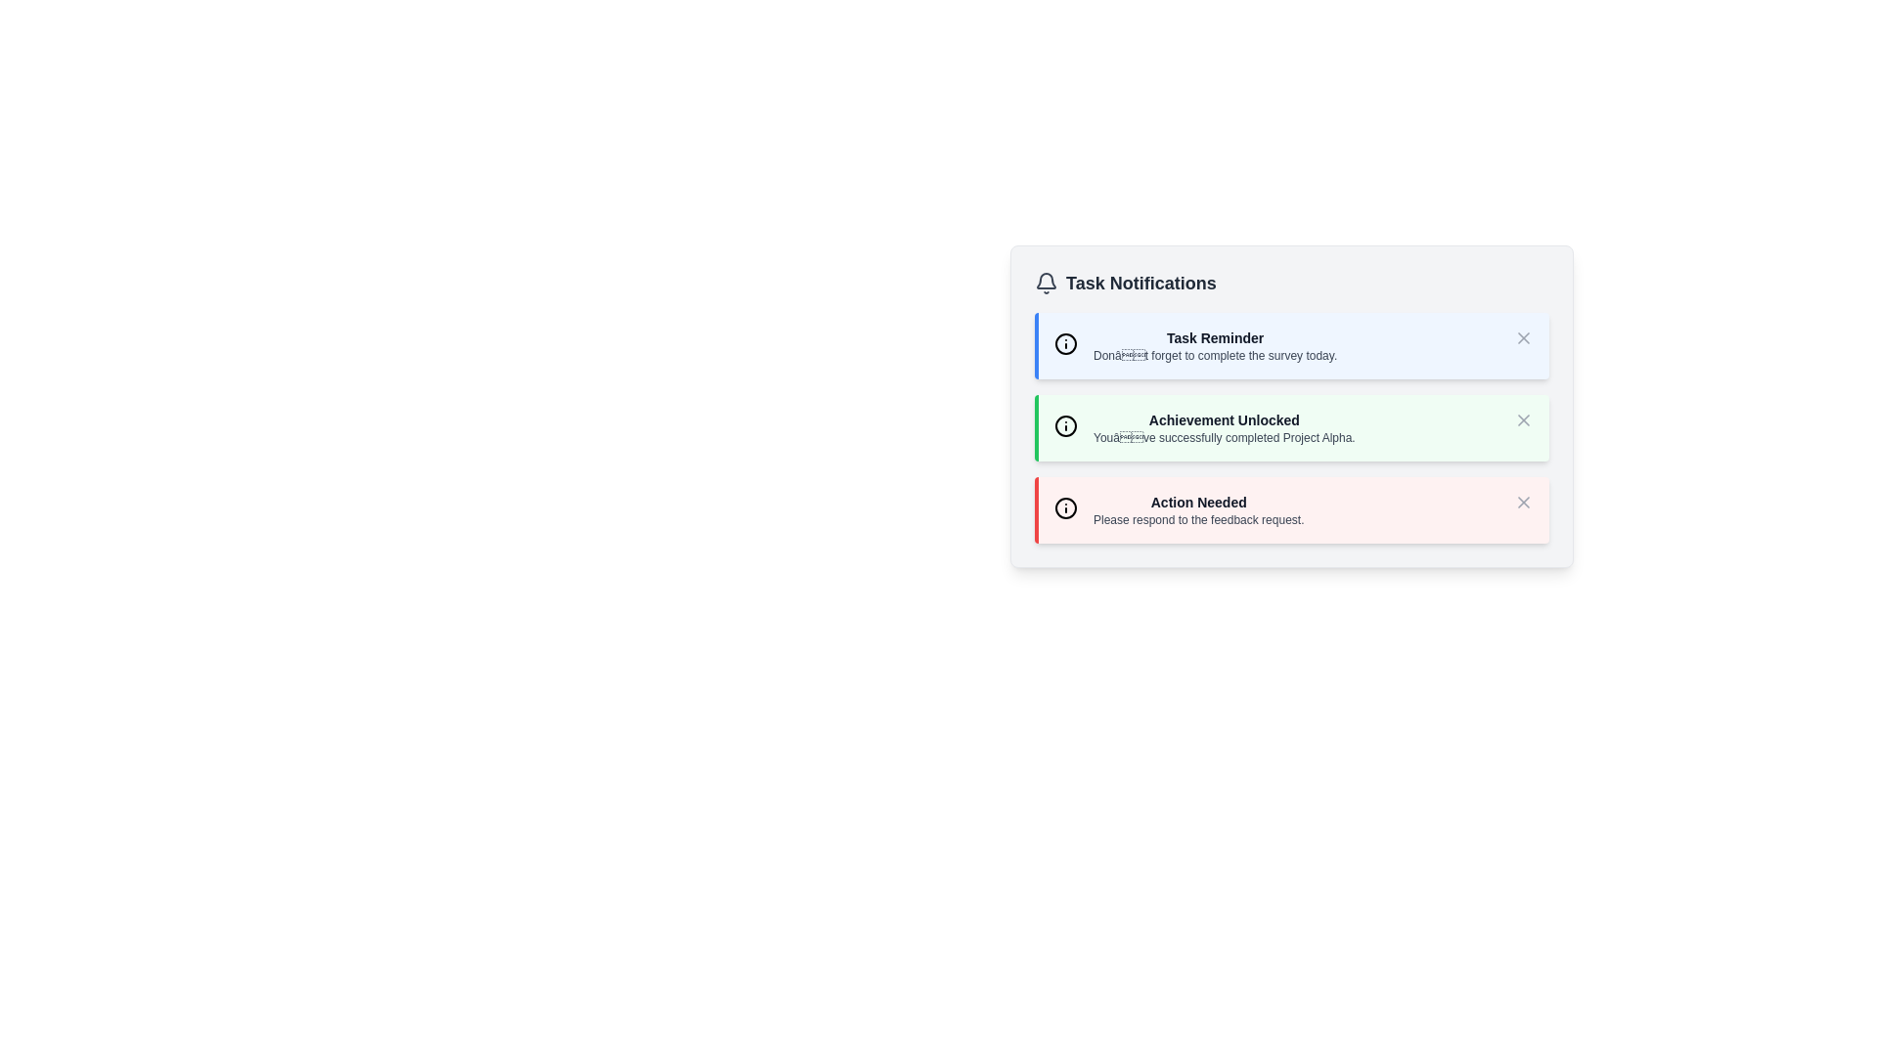  Describe the element at coordinates (1064, 424) in the screenshot. I see `the decorative informational icon located in the center of the green-highlighted notification box titled 'Achievement Unlocked'` at that location.